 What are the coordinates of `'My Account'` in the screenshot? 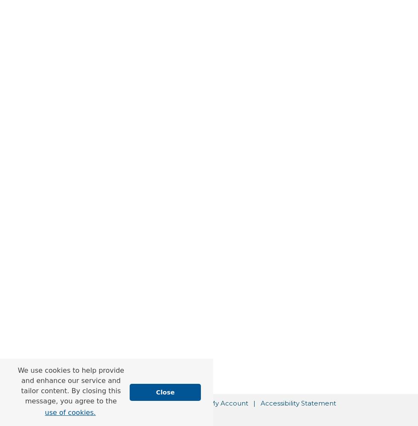 It's located at (228, 403).